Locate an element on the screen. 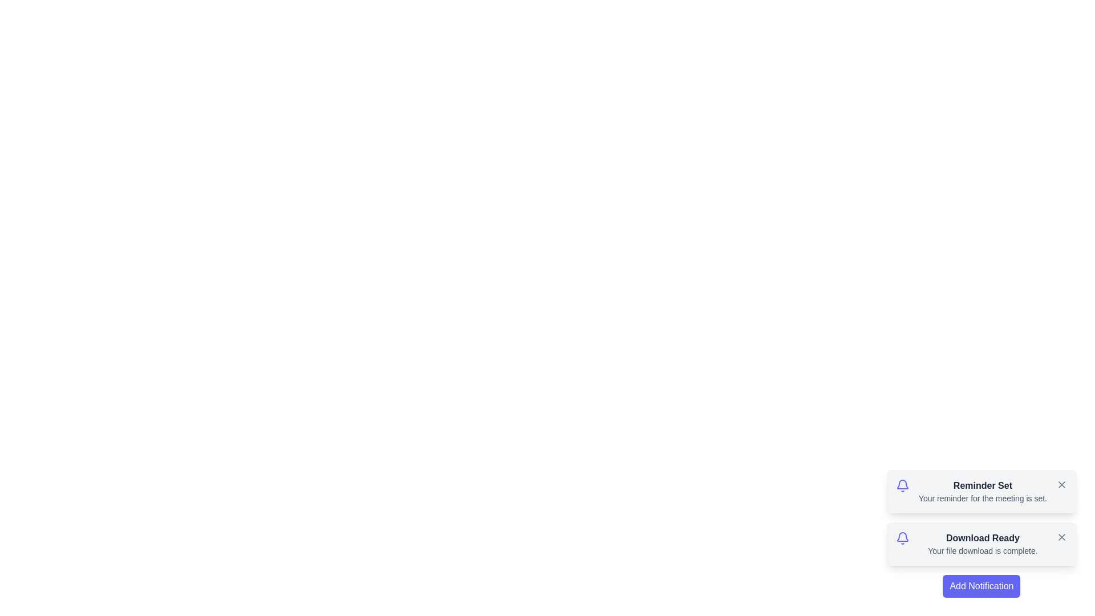 The width and height of the screenshot is (1095, 616). the gray 'X' icon button located at the top-right corner of the 'Download Ready' notification card is located at coordinates (1061, 537).